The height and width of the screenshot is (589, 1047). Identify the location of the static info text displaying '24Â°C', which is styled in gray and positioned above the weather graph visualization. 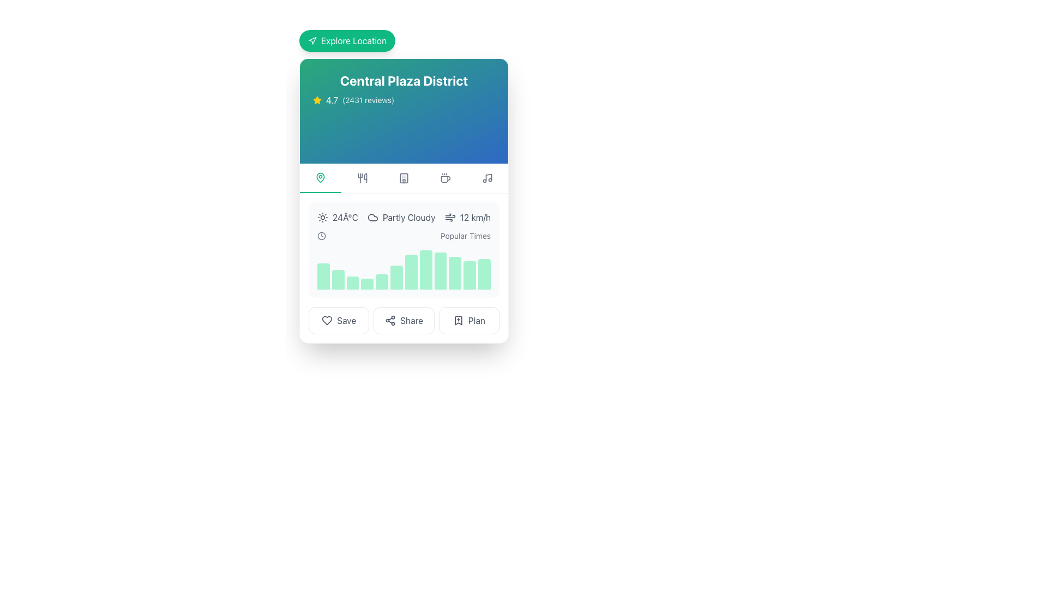
(345, 217).